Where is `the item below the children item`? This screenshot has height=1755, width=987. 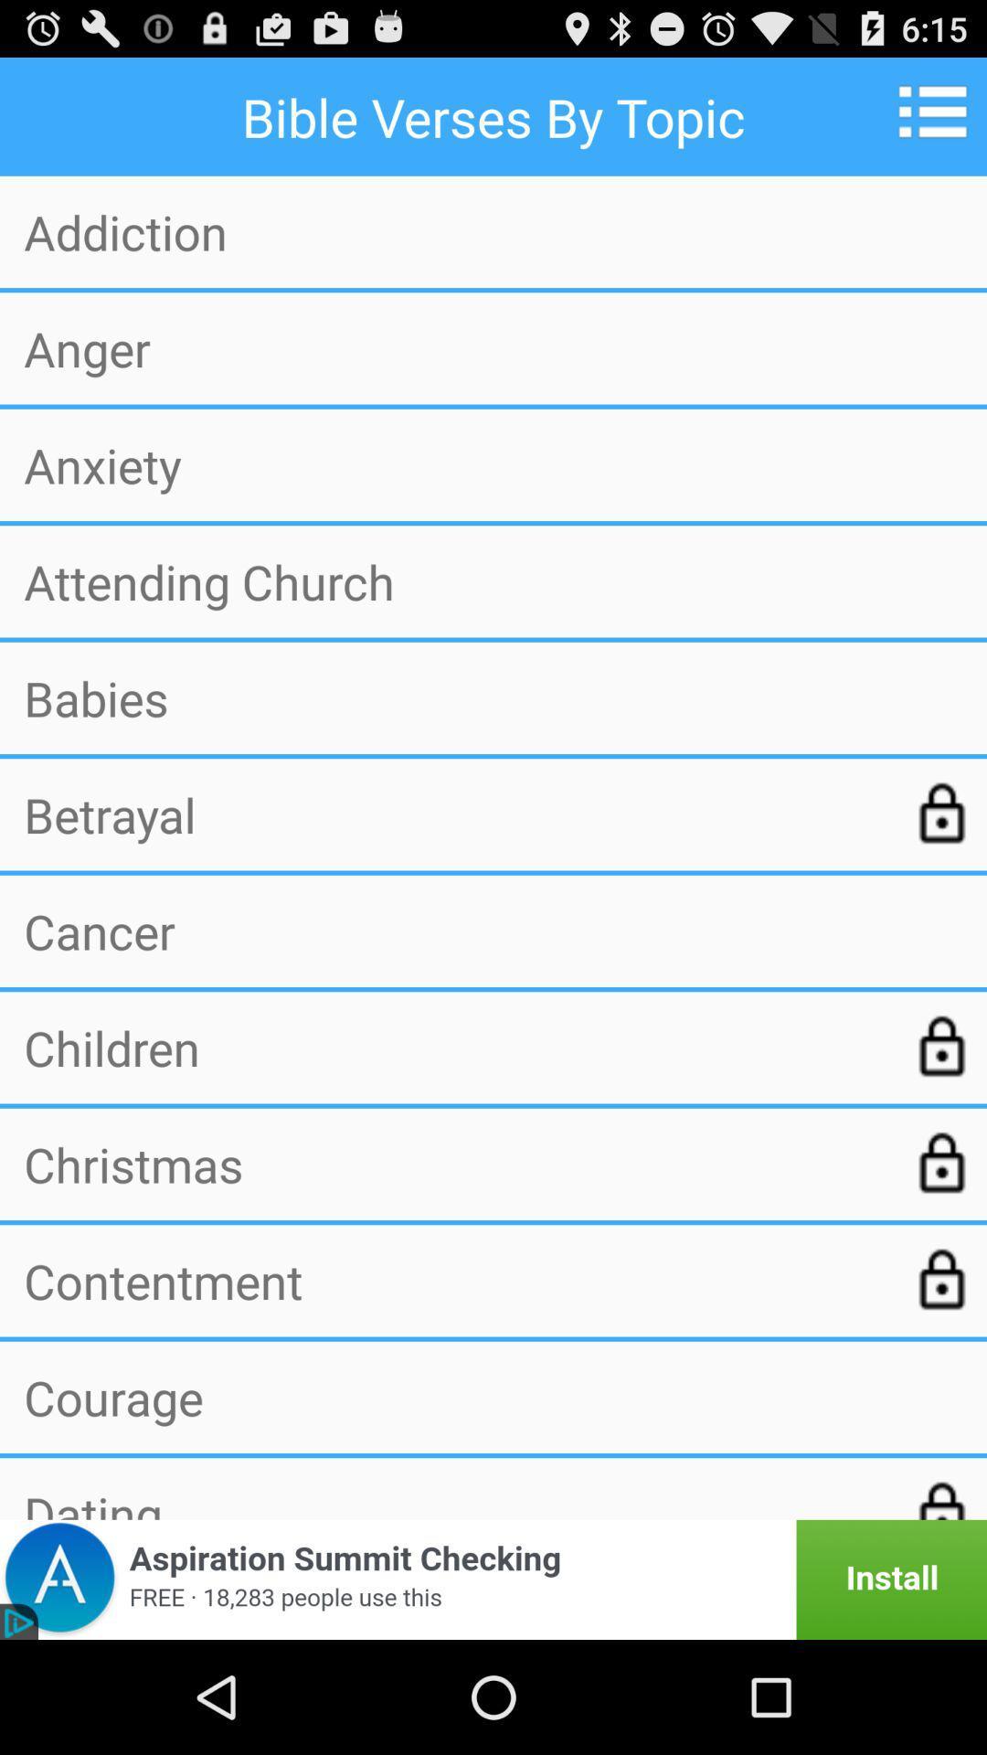 the item below the children item is located at coordinates (453, 1163).